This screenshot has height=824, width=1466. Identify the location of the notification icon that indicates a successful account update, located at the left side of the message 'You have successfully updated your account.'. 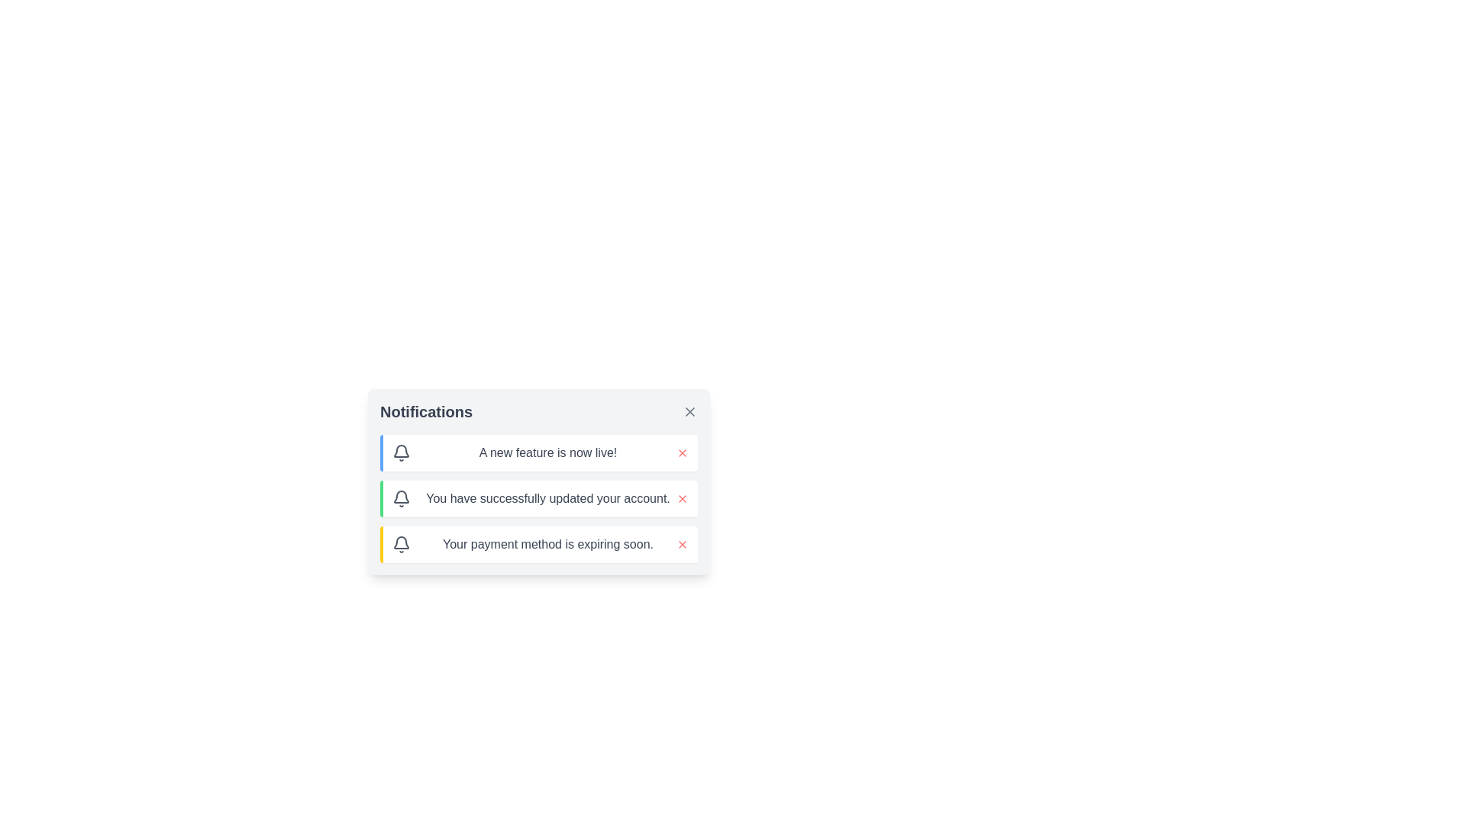
(402, 499).